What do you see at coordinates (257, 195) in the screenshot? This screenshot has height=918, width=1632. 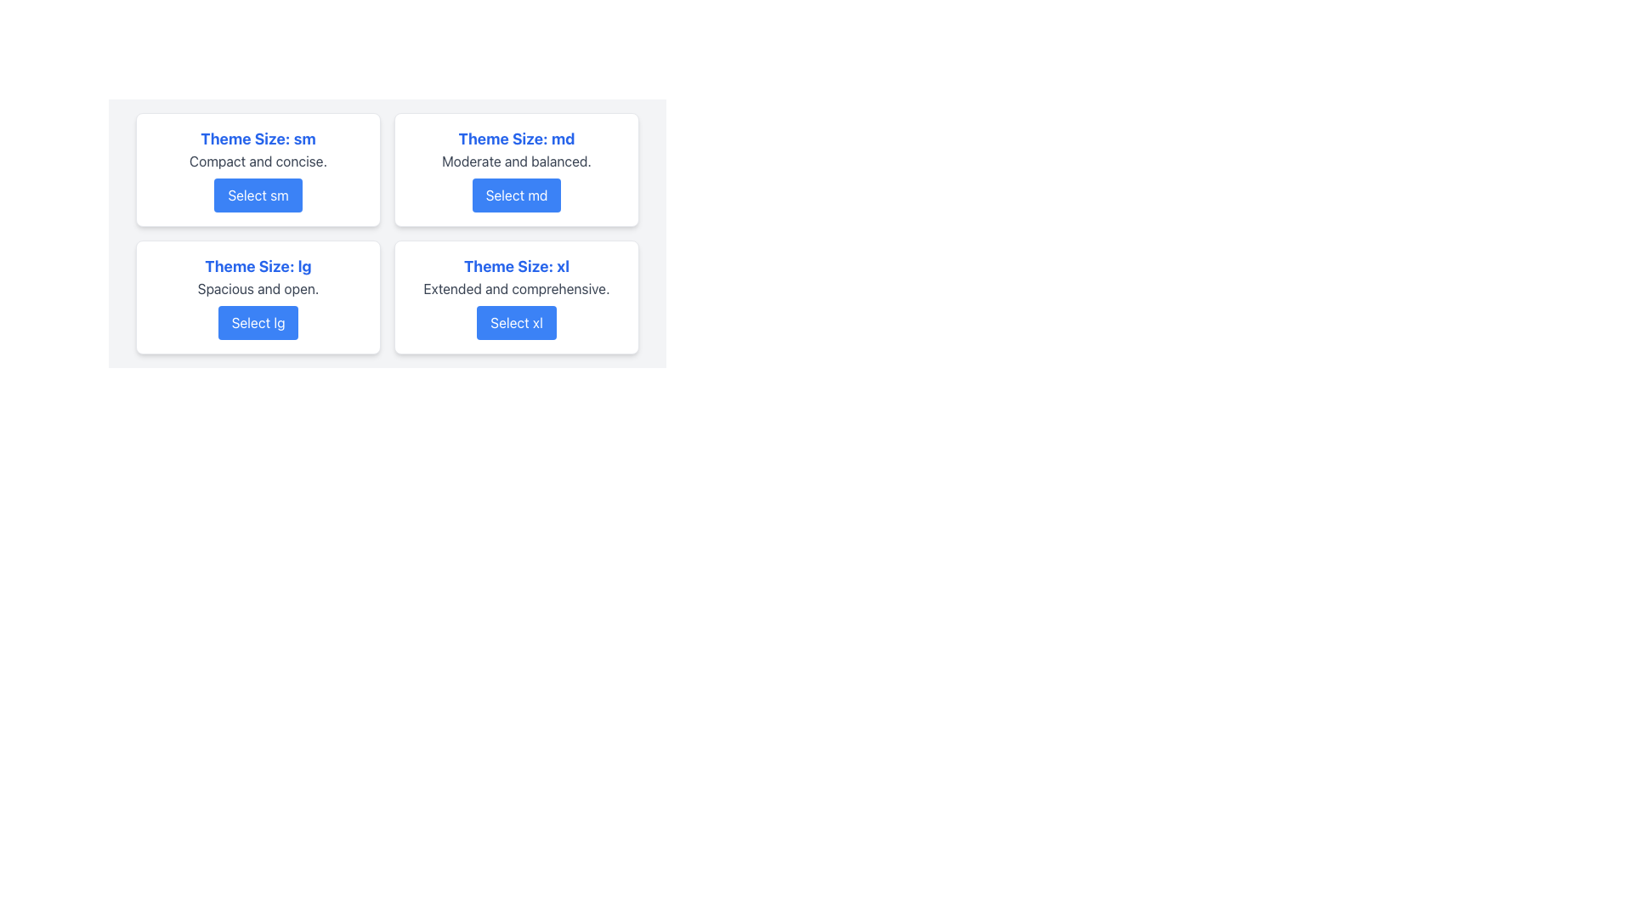 I see `the rectangular button with rounded edges and blue background labeled 'Select sm' to observe the color change effect` at bounding box center [257, 195].